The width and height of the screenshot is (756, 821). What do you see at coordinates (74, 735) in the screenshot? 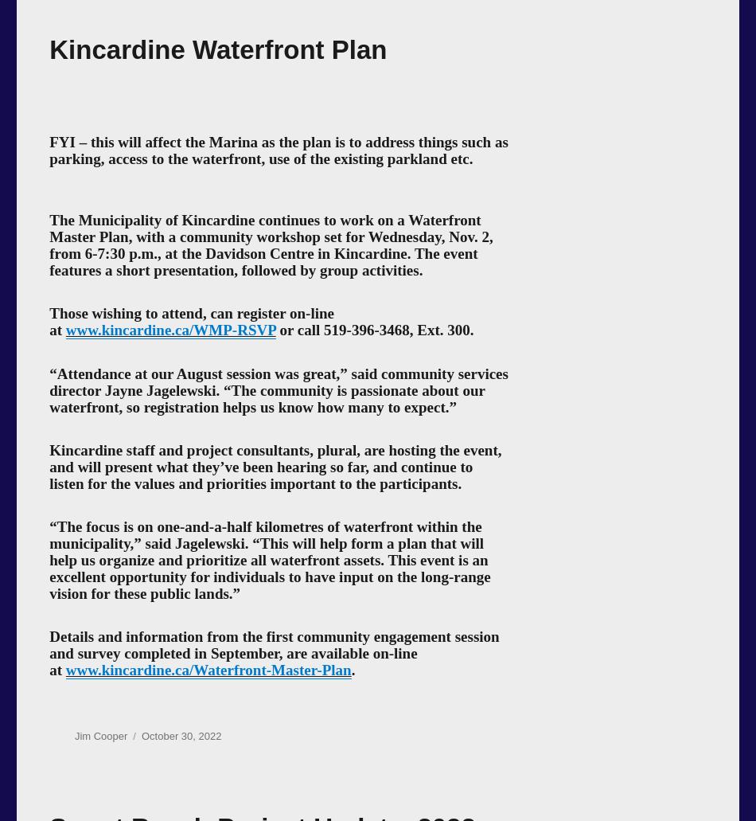
I see `'Jim Cooper'` at bounding box center [74, 735].